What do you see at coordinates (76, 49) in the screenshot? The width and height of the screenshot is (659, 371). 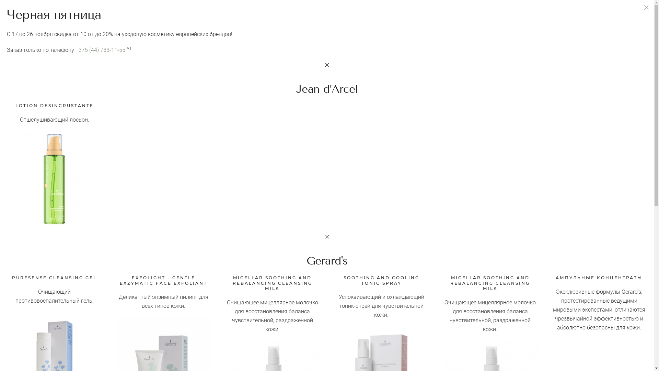 I see `'+375 (44) 733-11-55'` at bounding box center [76, 49].